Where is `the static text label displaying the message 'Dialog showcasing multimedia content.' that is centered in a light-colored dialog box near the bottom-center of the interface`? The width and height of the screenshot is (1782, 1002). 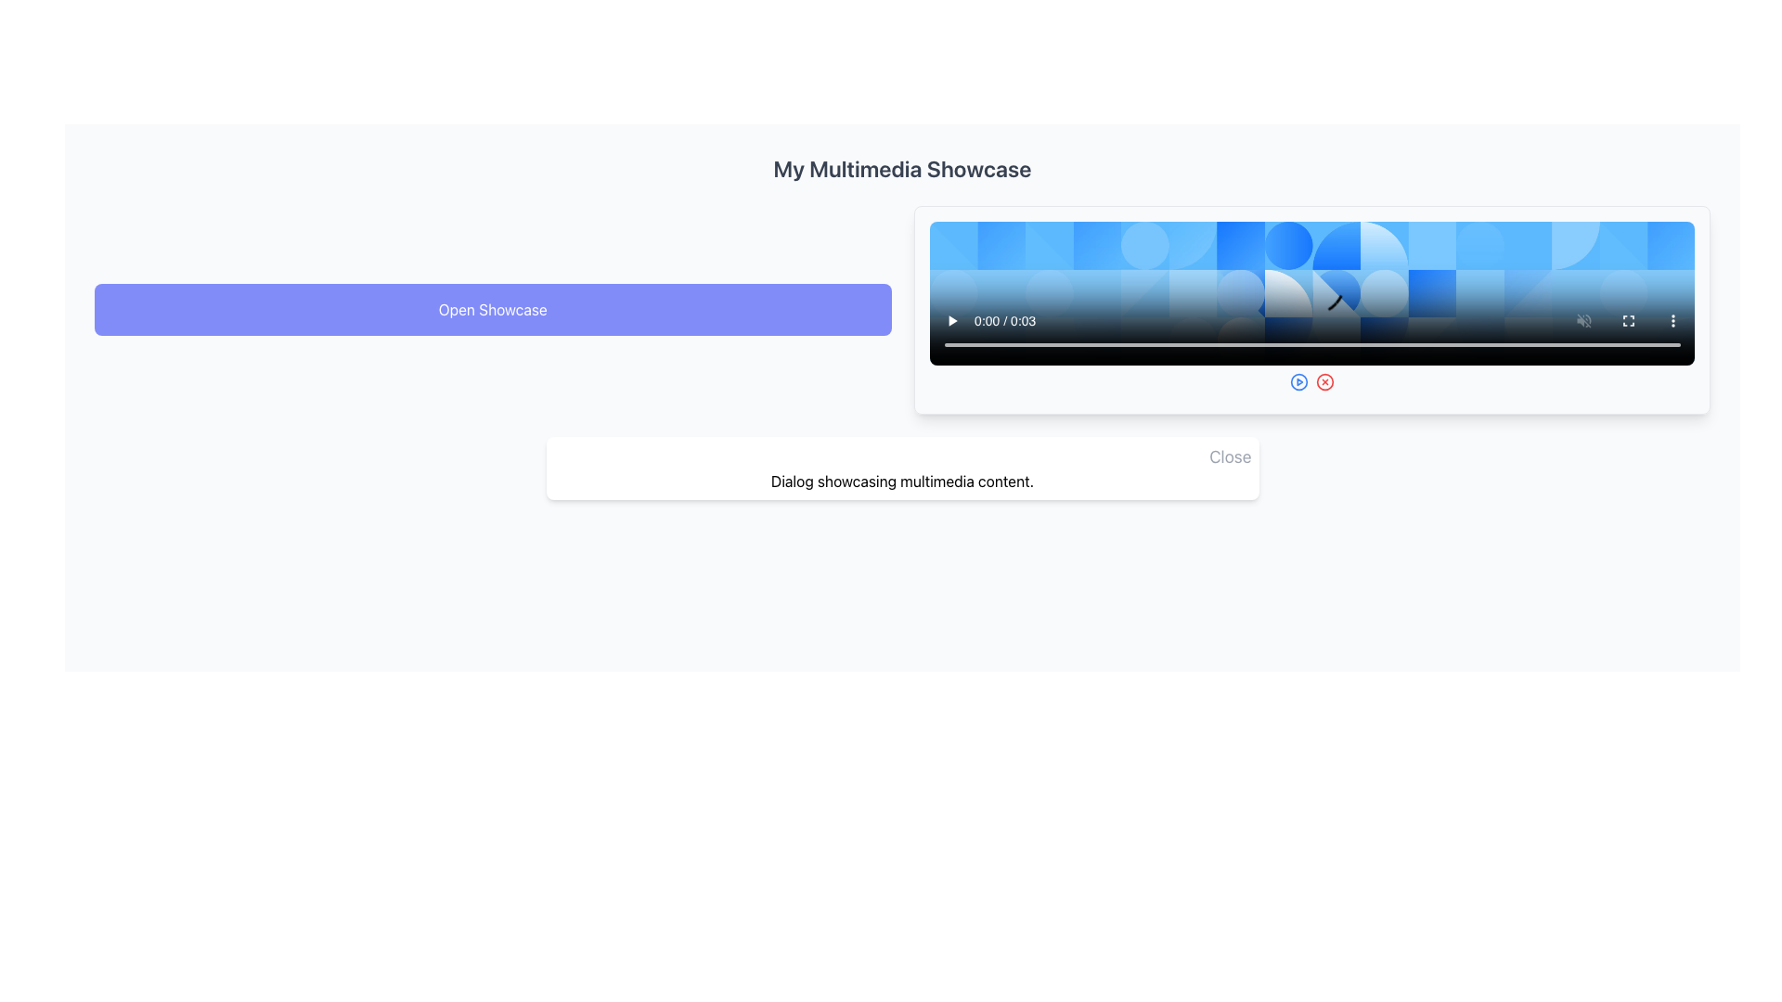
the static text label displaying the message 'Dialog showcasing multimedia content.' that is centered in a light-colored dialog box near the bottom-center of the interface is located at coordinates (902, 480).